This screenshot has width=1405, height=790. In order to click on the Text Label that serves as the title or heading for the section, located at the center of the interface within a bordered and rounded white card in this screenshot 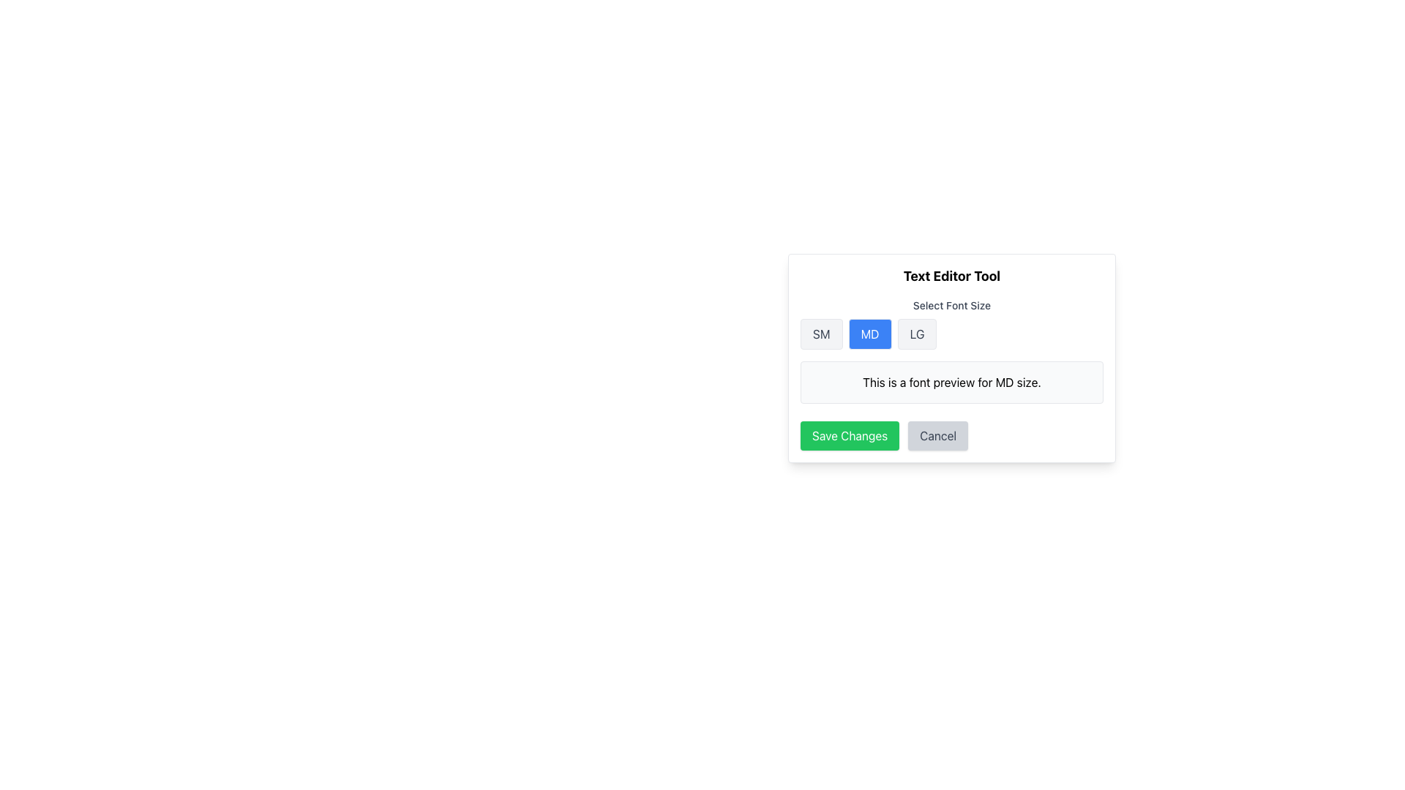, I will do `click(951, 276)`.